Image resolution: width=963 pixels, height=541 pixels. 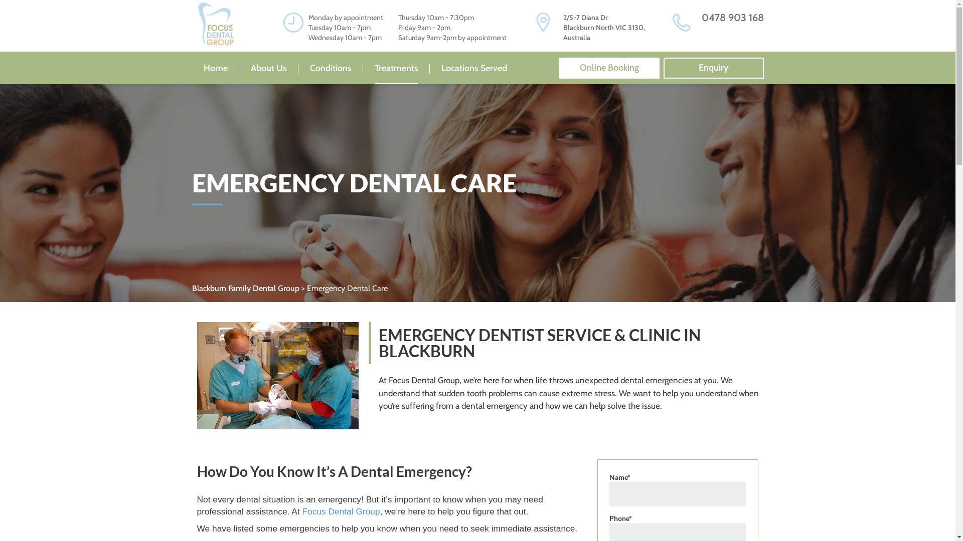 What do you see at coordinates (331, 68) in the screenshot?
I see `'Conditions'` at bounding box center [331, 68].